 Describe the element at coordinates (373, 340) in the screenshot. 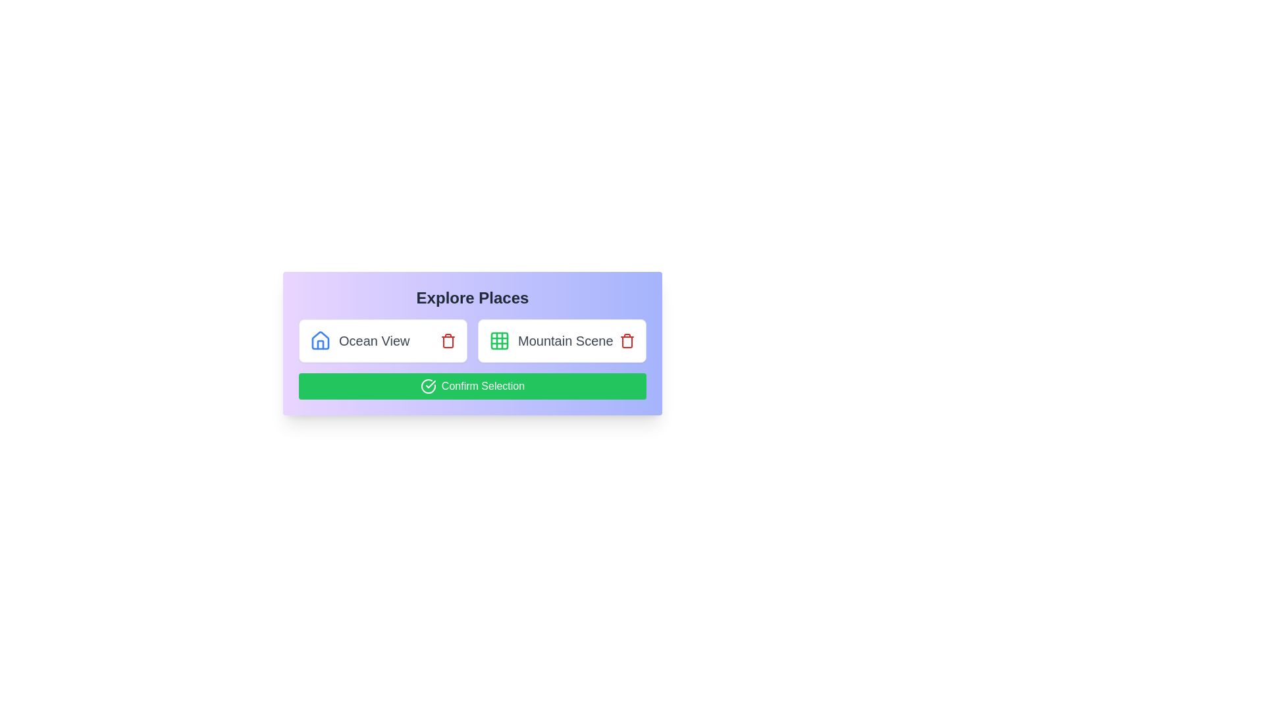

I see `the static text label that reads 'Ocean View', which is part of a large, bold text block and is positioned between an icon on the left and a red trash bin icon on the right` at that location.